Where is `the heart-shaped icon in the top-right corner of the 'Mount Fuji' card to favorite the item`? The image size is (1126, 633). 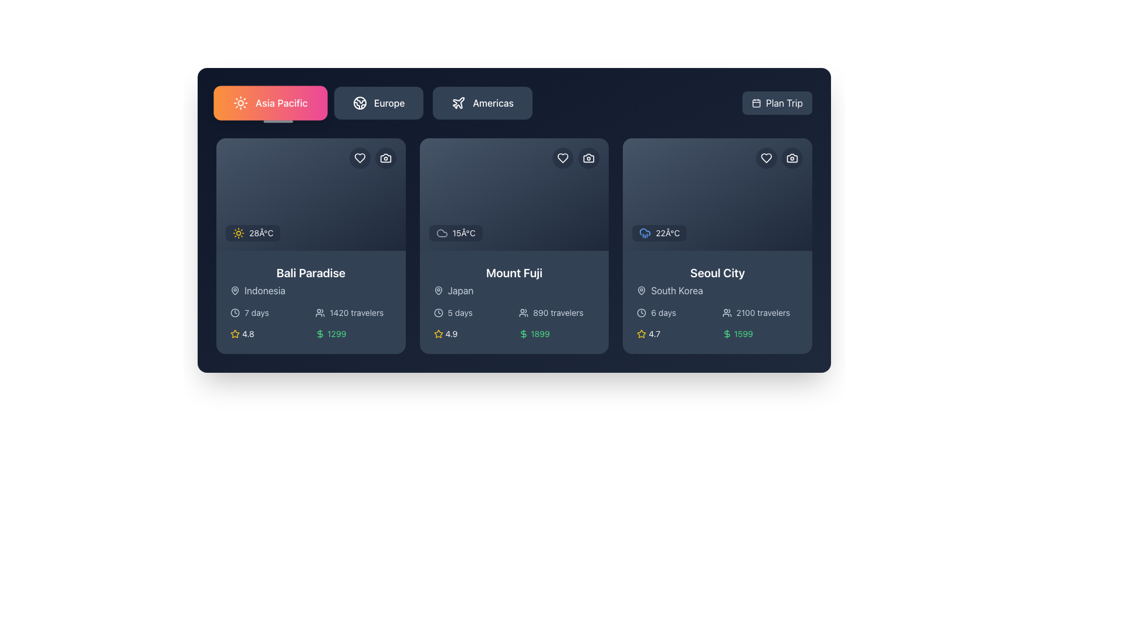
the heart-shaped icon in the top-right corner of the 'Mount Fuji' card to favorite the item is located at coordinates (563, 158).